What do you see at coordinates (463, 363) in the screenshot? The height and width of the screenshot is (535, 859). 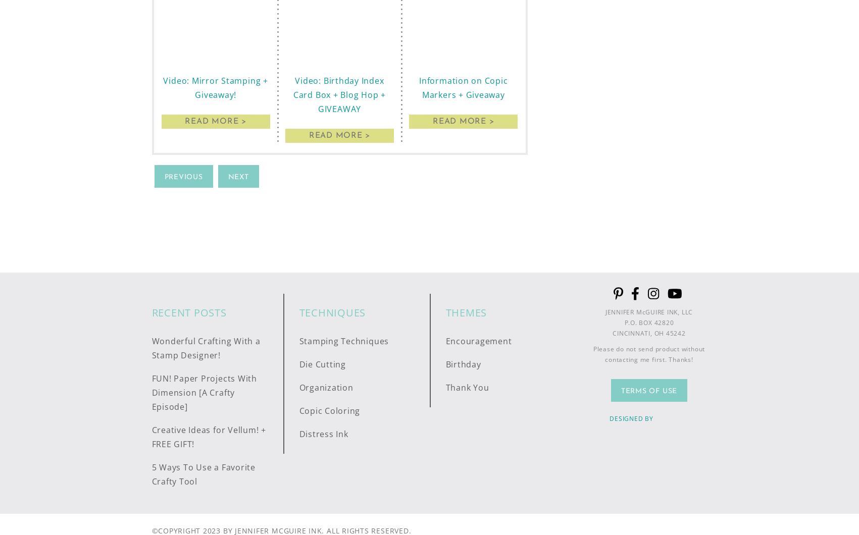 I see `'Birthday'` at bounding box center [463, 363].